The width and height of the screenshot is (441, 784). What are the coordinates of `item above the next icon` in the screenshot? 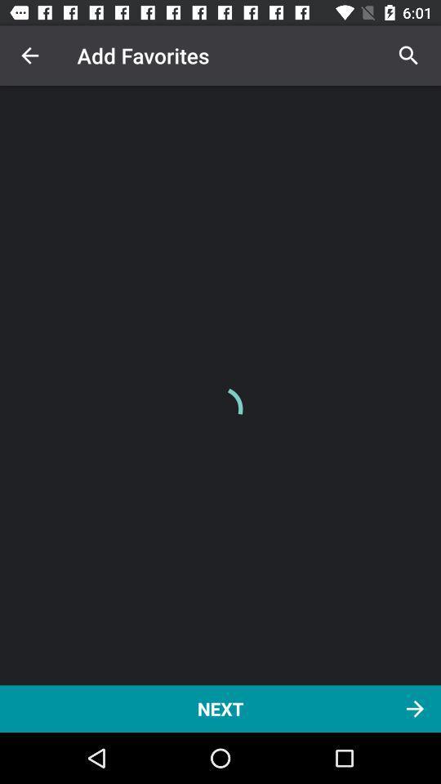 It's located at (408, 56).